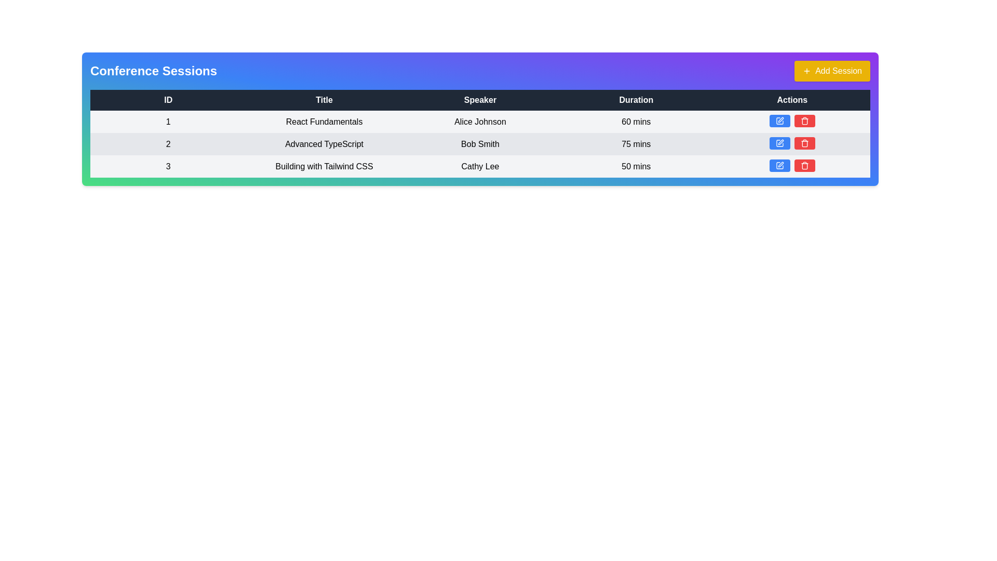  Describe the element at coordinates (791, 100) in the screenshot. I see `the text label displaying 'Actions' which is the last header in the row of a data table, characterized by its white text on a dark blue background` at that location.